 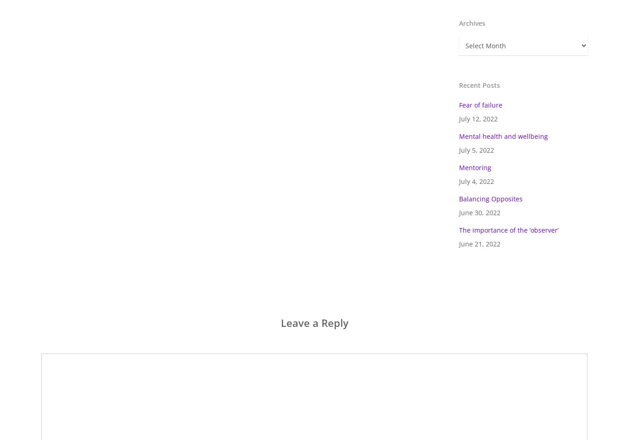 I want to click on 'July 5, 2022', so click(x=476, y=150).